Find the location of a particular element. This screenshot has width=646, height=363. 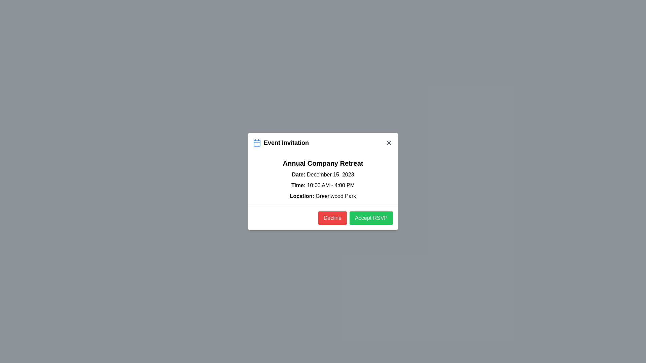

text content of the Text Label displaying 'Time: 10:00 AM - 4:00 PM', which is located within the event details section, second in the list after the date is located at coordinates (323, 185).